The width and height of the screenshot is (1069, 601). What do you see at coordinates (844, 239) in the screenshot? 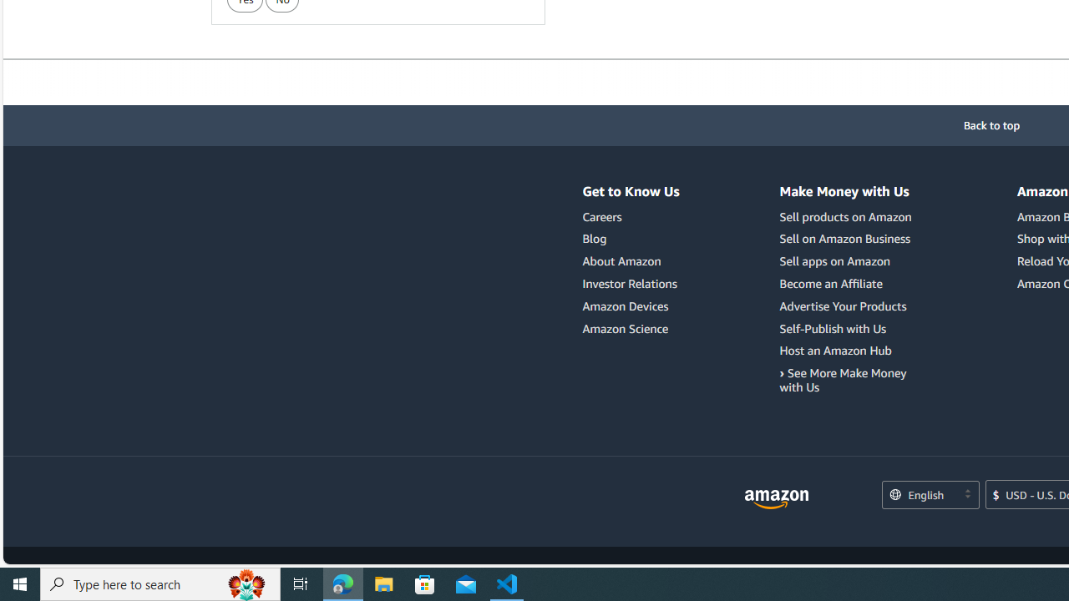
I see `'Sell on Amazon Business'` at bounding box center [844, 239].